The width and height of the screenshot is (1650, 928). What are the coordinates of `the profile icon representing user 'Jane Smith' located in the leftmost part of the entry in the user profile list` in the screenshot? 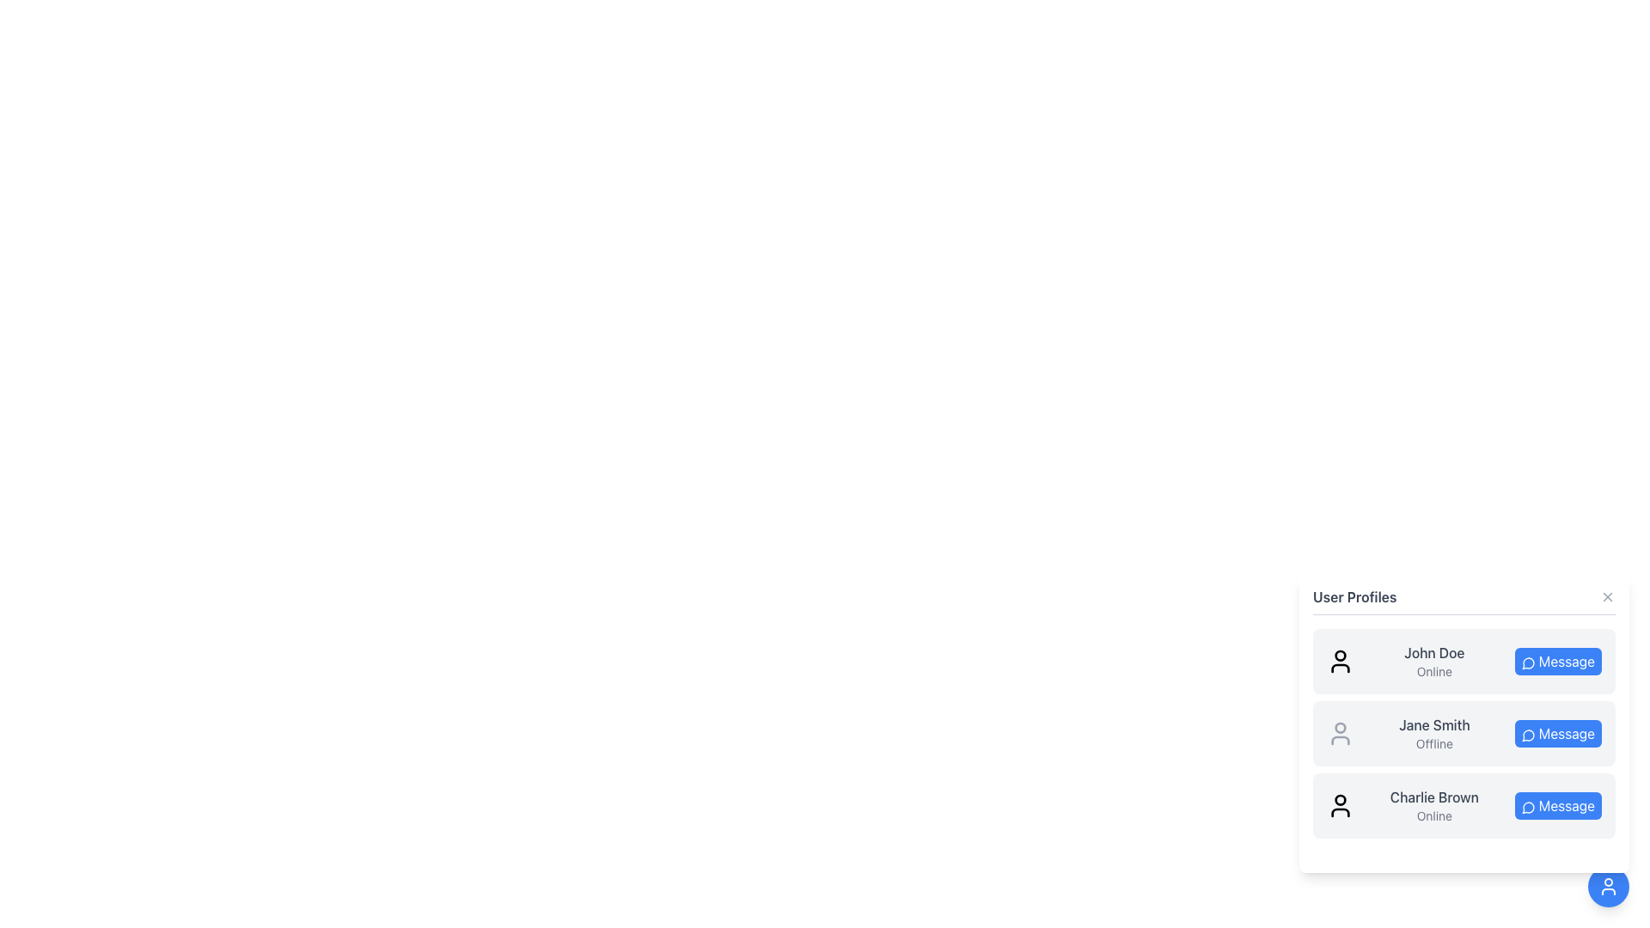 It's located at (1340, 733).